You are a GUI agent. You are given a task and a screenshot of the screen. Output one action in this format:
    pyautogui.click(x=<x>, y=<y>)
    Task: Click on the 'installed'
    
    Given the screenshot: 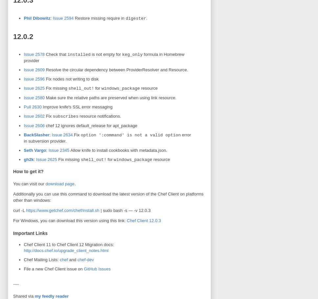 What is the action you would take?
    pyautogui.click(x=78, y=55)
    